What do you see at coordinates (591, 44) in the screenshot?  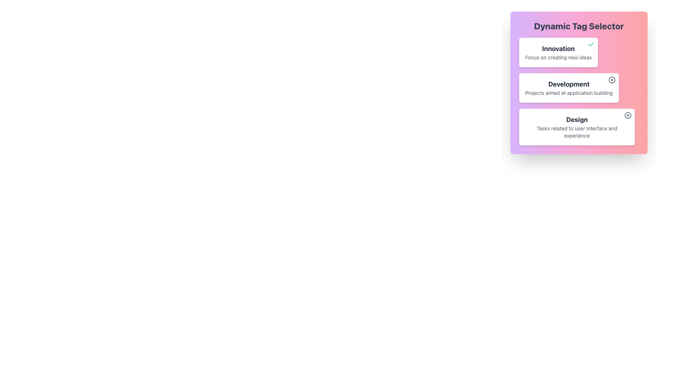 I see `the visual state of the validation icon representing the 'Innovation' tag in the Dynamic Tag Selector component, located at the top-right corner of the tag` at bounding box center [591, 44].